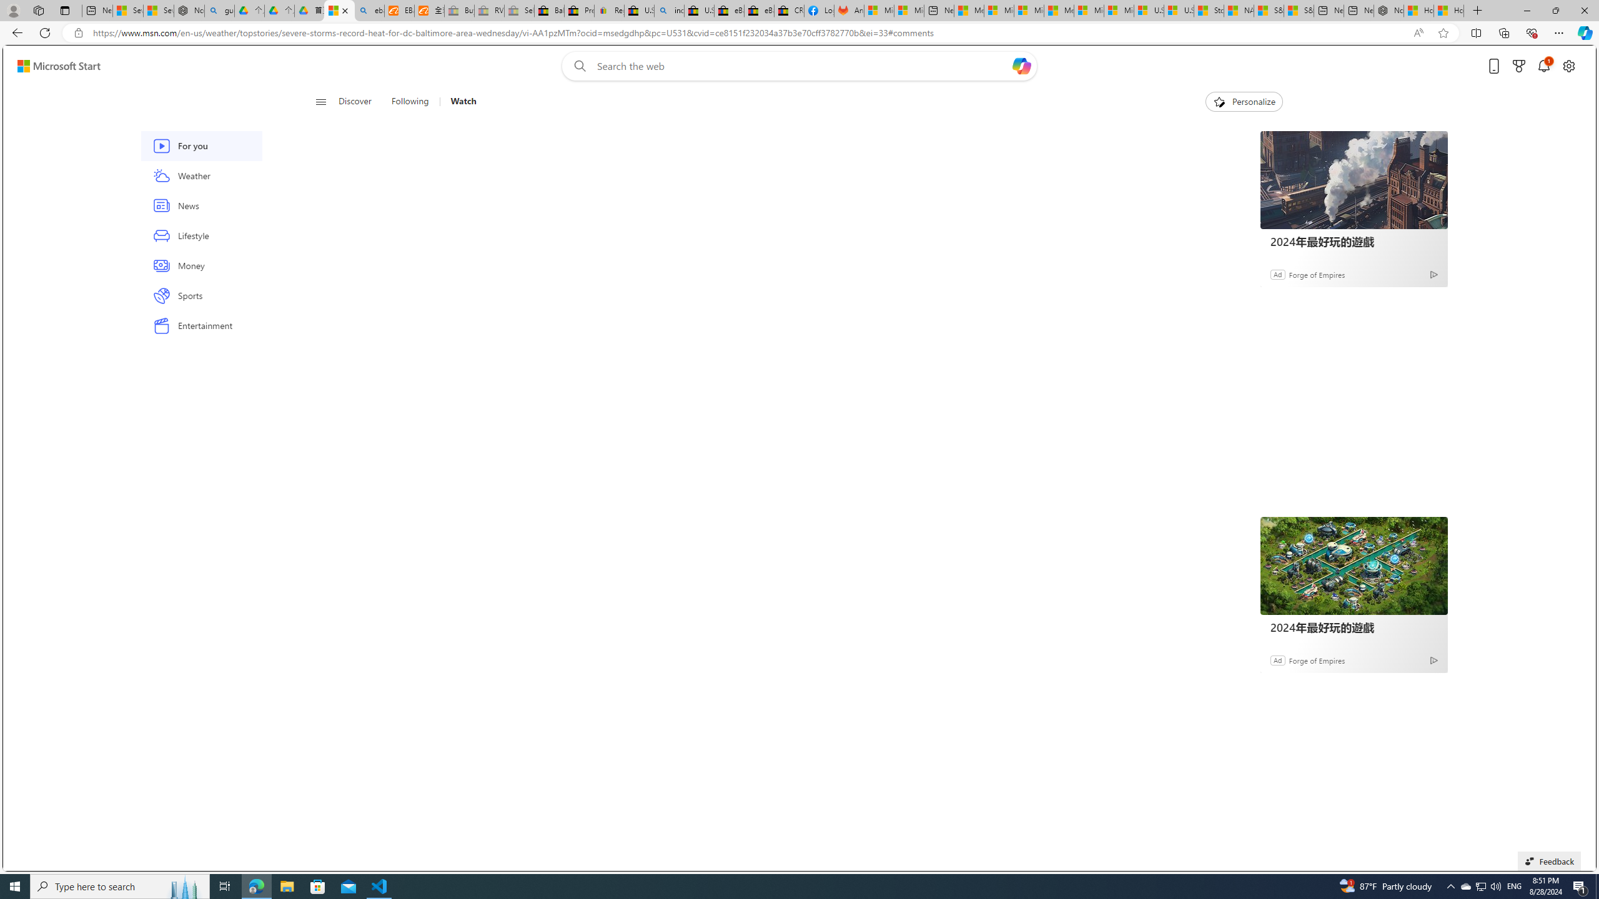 The width and height of the screenshot is (1599, 899). Describe the element at coordinates (1299, 10) in the screenshot. I see `'S&P 500, Nasdaq end lower, weighed by Nvidia dip | Watch'` at that location.